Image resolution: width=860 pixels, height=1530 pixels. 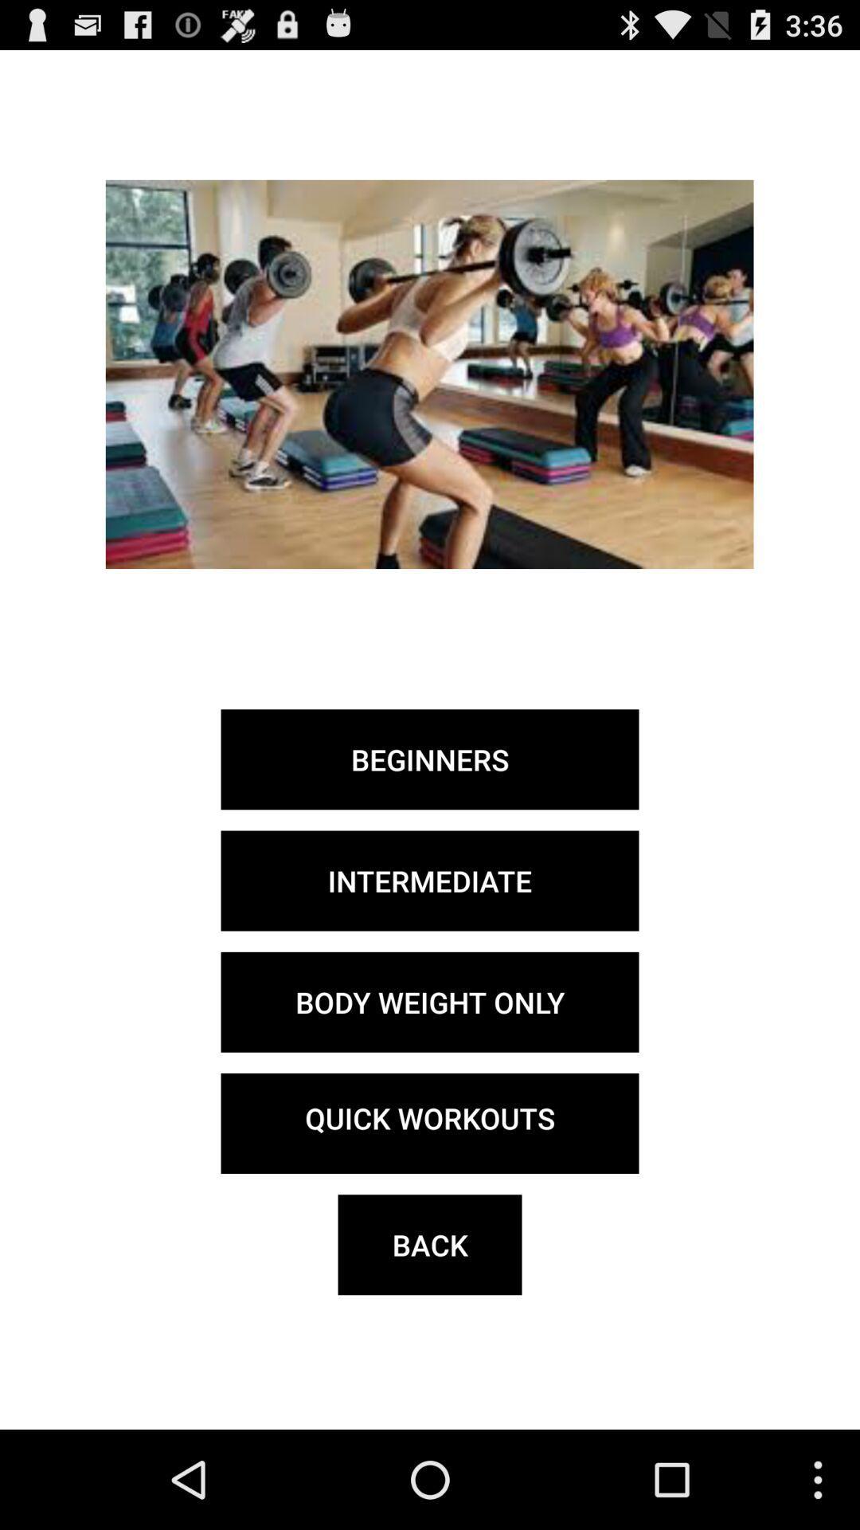 I want to click on the button below the quick workouts item, so click(x=430, y=1244).